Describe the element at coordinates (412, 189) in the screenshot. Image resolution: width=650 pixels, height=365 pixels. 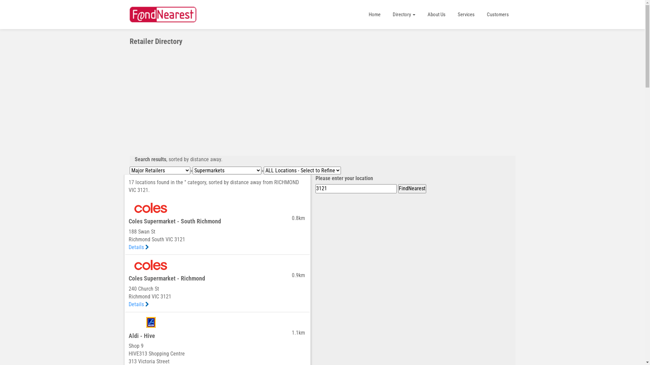
I see `'FindNearest'` at that location.